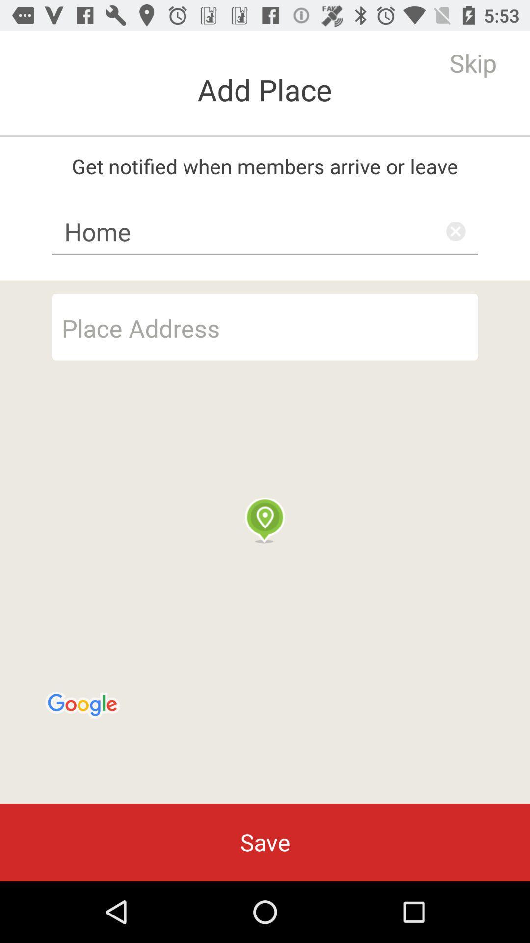  Describe the element at coordinates (473, 62) in the screenshot. I see `the icon next to add place` at that location.